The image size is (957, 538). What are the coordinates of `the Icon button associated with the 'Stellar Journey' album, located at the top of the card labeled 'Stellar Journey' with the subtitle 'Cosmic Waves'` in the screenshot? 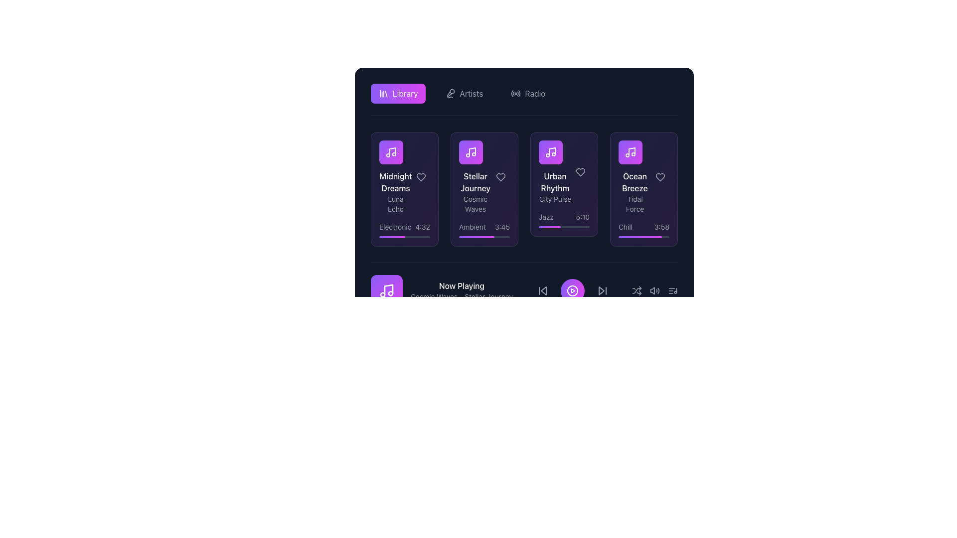 It's located at (471, 152).